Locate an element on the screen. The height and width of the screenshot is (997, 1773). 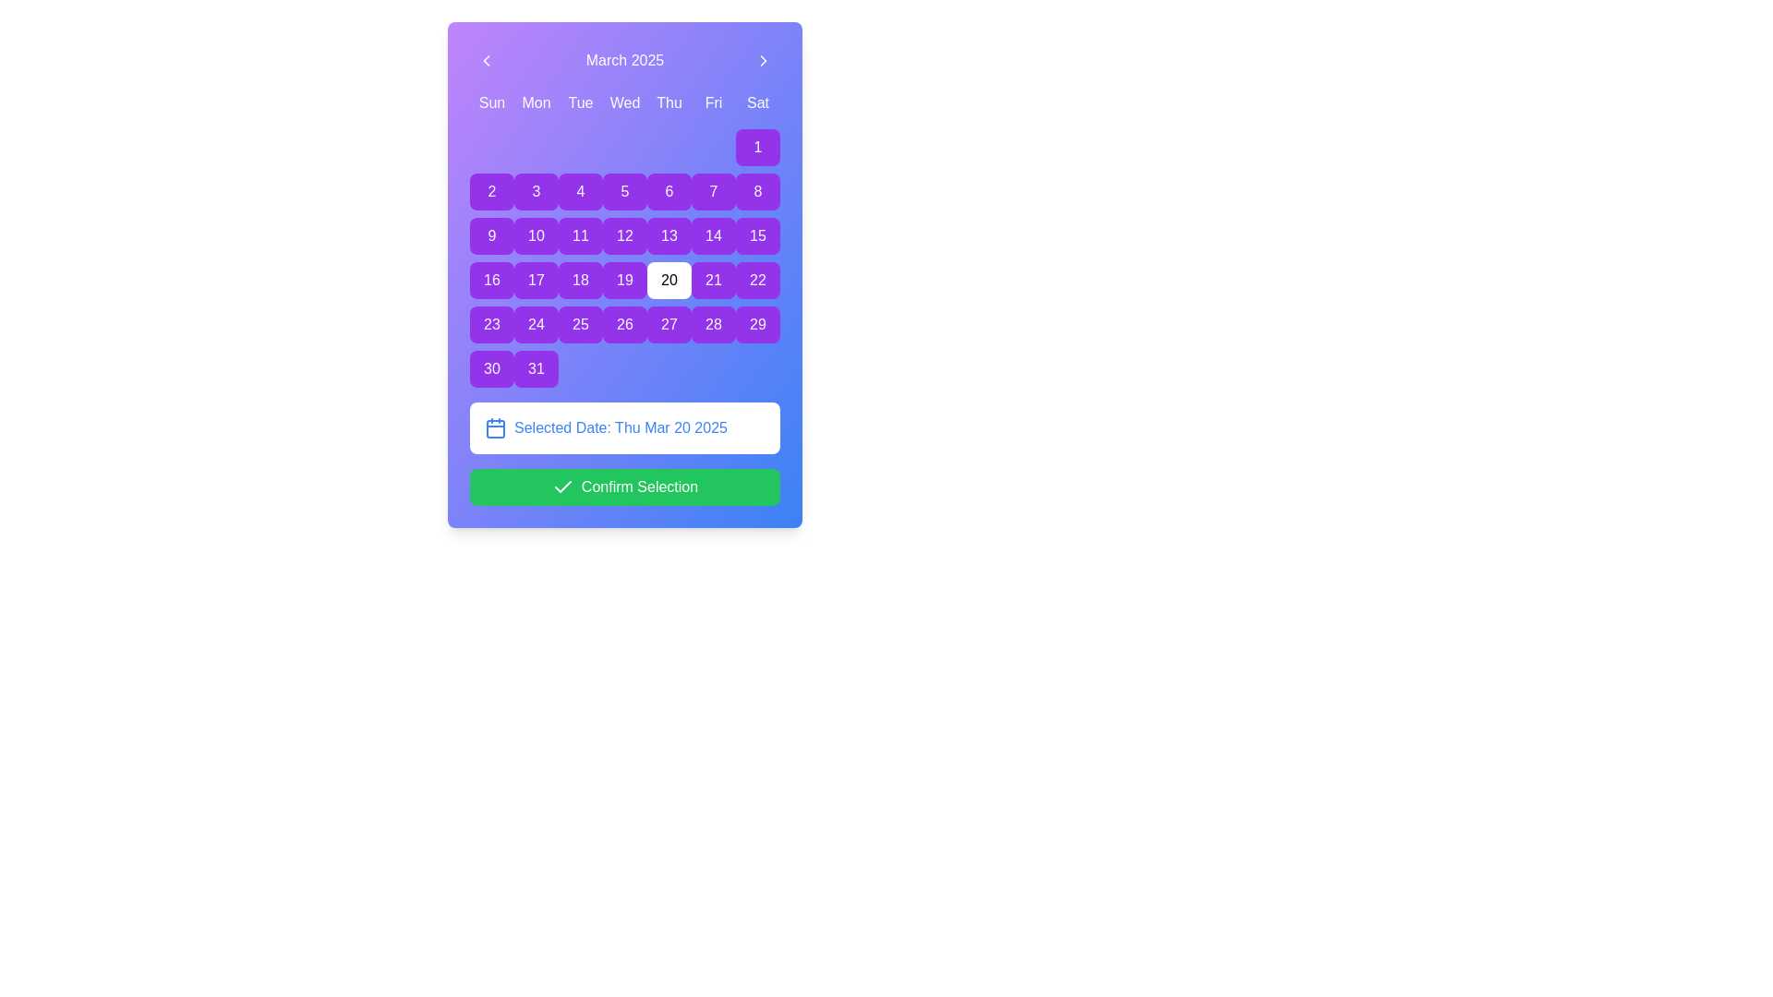
the text label displaying 'Sat', which is positioned at the rightmost end of the day abbreviation series in a calendar interface is located at coordinates (757, 102).